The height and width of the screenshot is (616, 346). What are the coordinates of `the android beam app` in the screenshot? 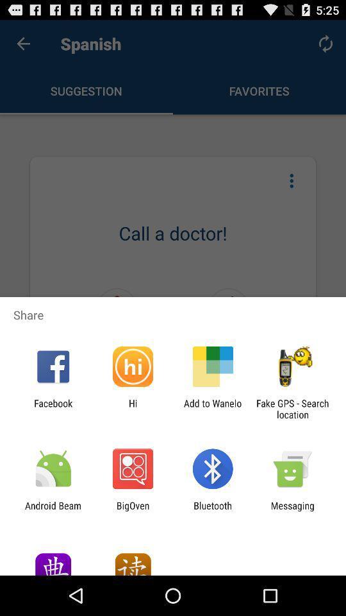 It's located at (53, 511).